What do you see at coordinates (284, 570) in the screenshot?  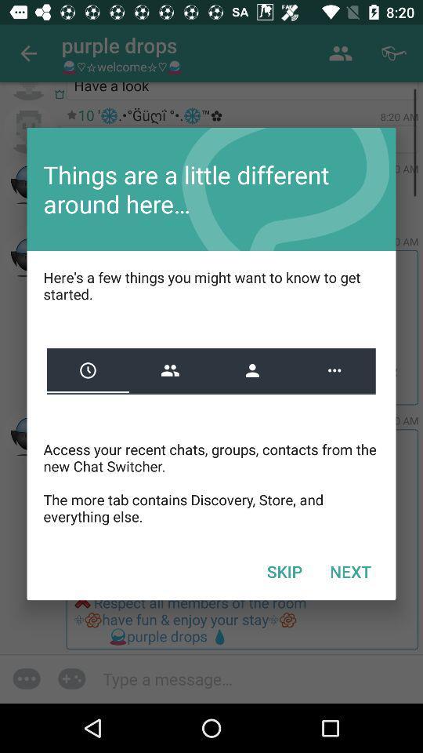 I see `item to the left of the next item` at bounding box center [284, 570].